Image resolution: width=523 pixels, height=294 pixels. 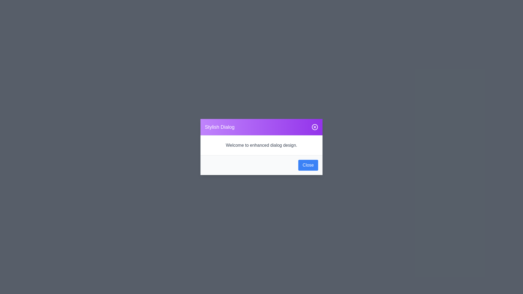 I want to click on the static text element that provides a welcoming message in the dialog, located centrally below the 'Stylish Dialog' header and above the 'Close' button, so click(x=261, y=145).